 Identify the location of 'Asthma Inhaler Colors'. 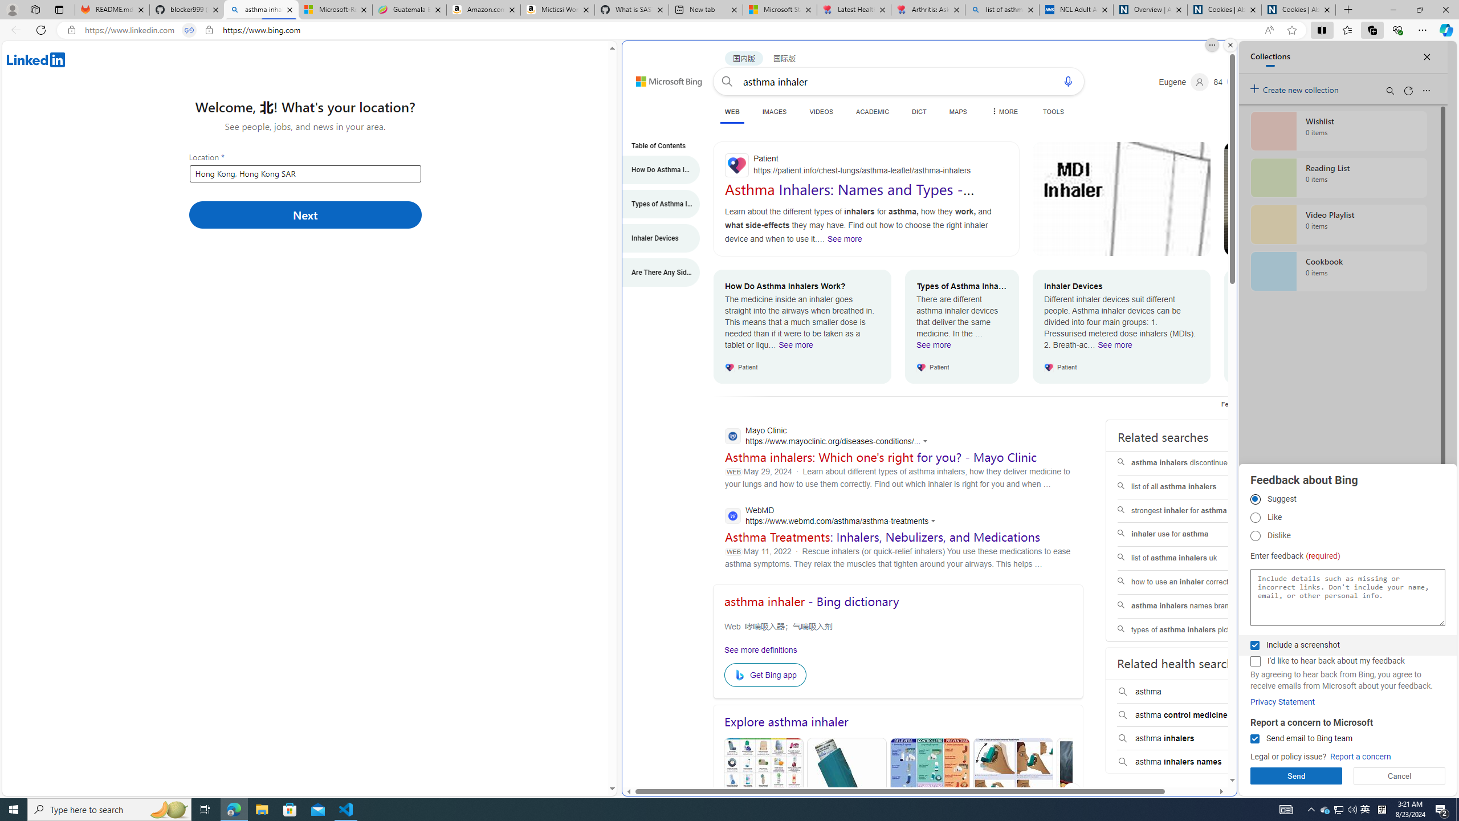
(762, 792).